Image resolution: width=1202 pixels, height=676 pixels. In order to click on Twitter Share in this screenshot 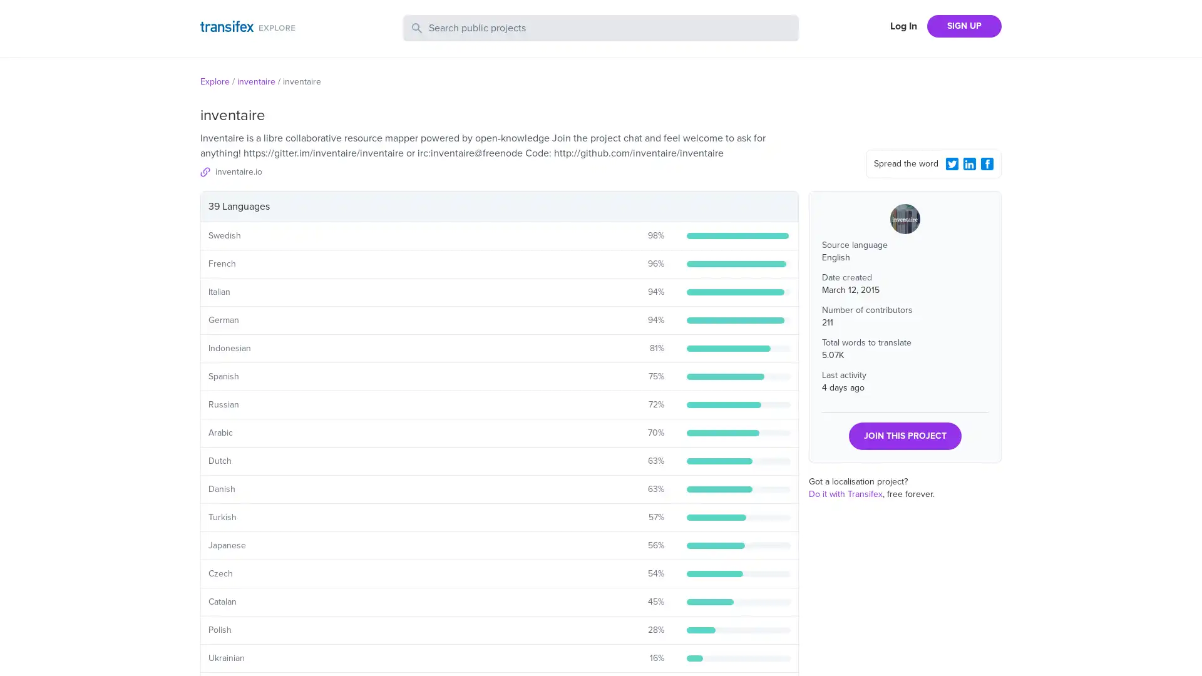, I will do `click(952, 163)`.